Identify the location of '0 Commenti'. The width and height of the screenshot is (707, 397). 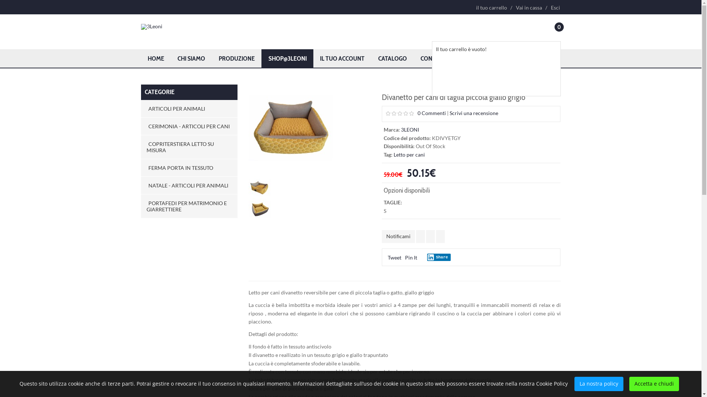
(417, 113).